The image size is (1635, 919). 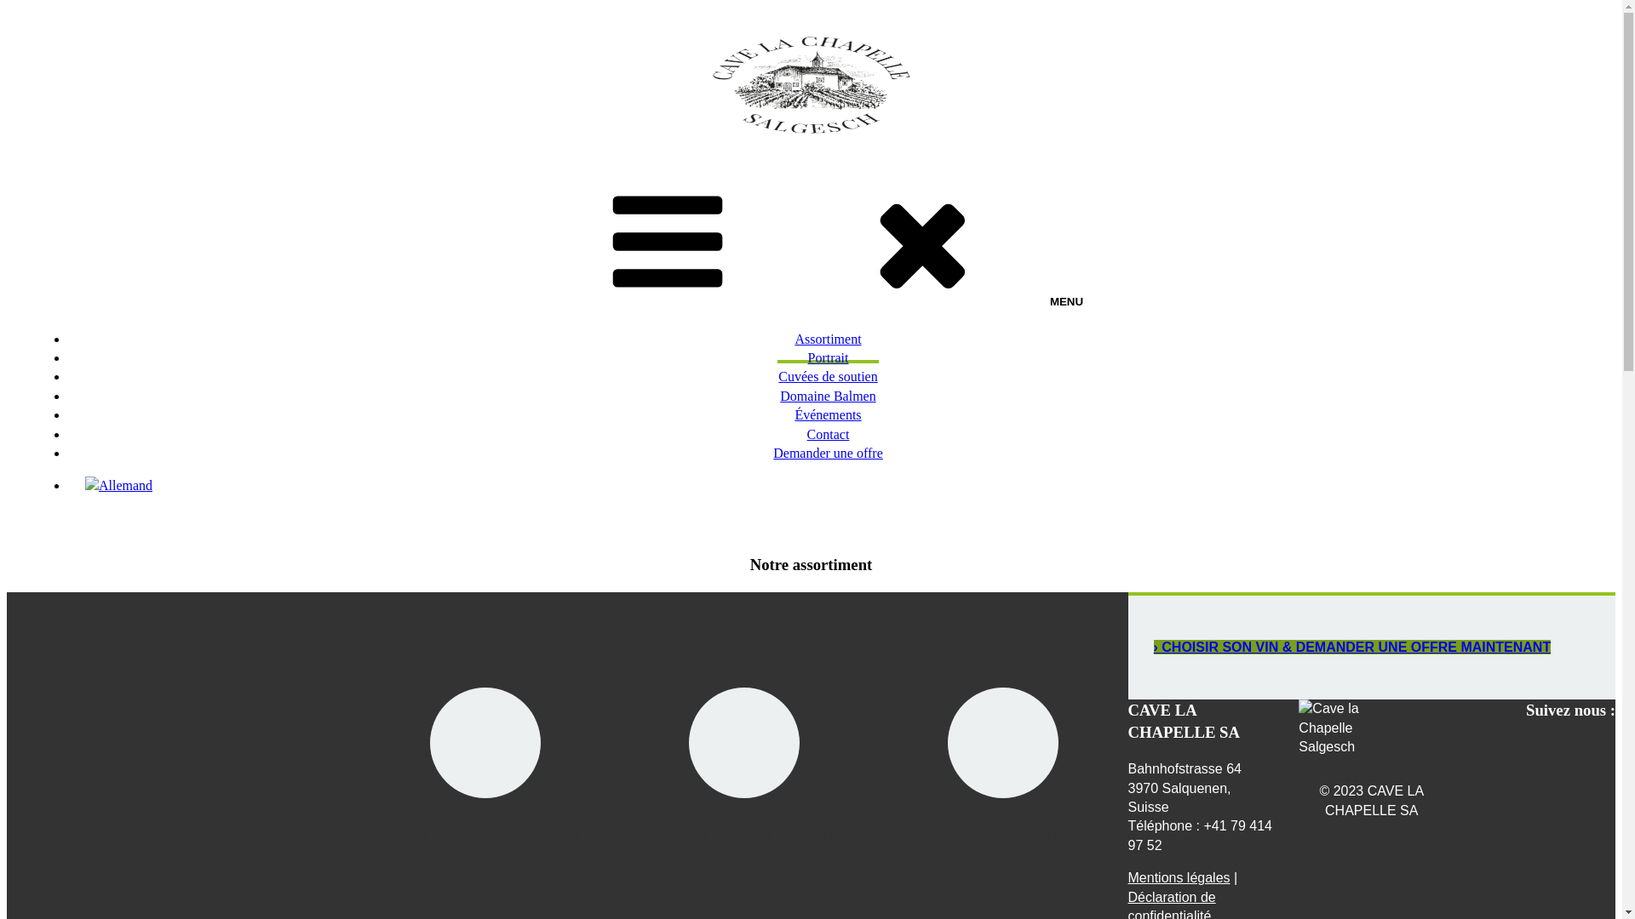 I want to click on 'Aller au contenu principal', so click(x=5, y=6).